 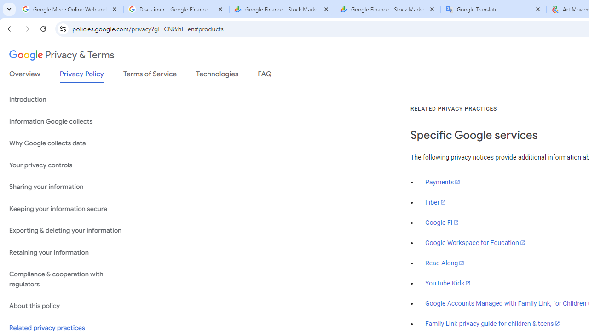 I want to click on 'Family Link privacy guide for children & teens', so click(x=492, y=323).